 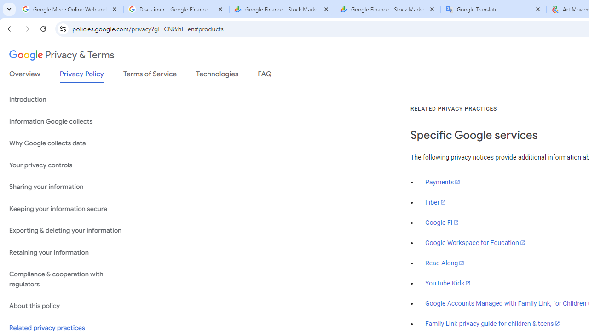 I want to click on 'Family Link privacy guide for children & teens', so click(x=492, y=323).